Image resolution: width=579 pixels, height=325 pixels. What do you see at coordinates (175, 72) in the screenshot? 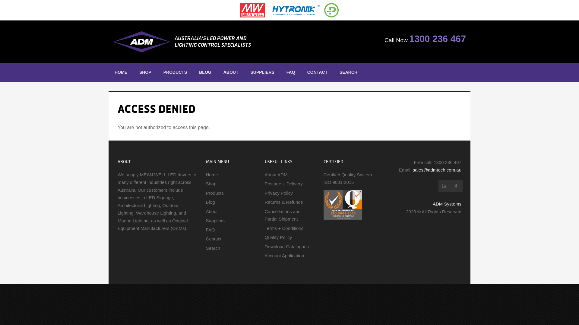
I see `'PRODUCTS'` at bounding box center [175, 72].